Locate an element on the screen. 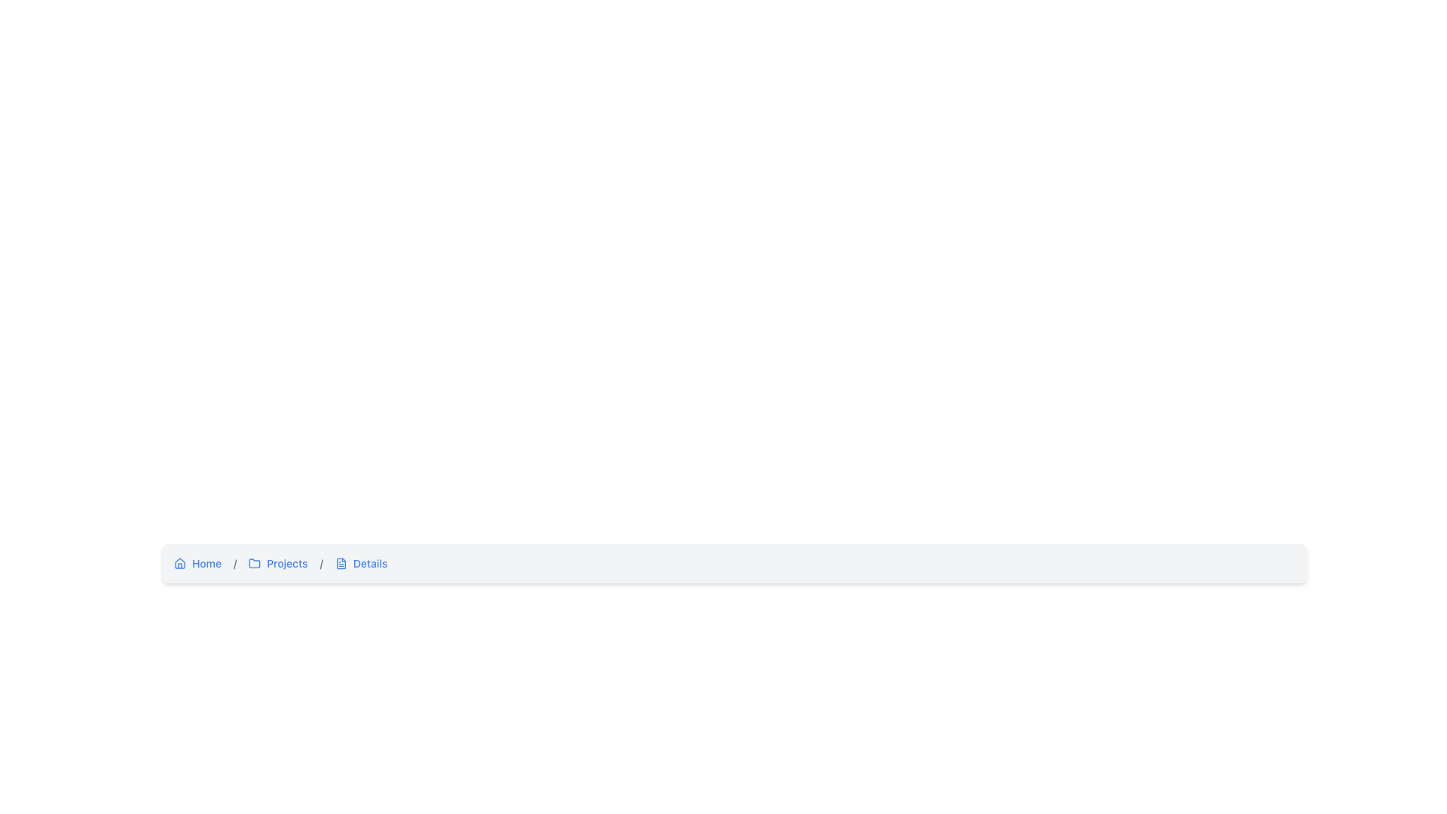 The height and width of the screenshot is (814, 1447). the 'Home' breadcrumb navigational link, which is the first element in the breadcrumb navigation bar and styled with a hover effect and underlined when hovered is located at coordinates (197, 564).